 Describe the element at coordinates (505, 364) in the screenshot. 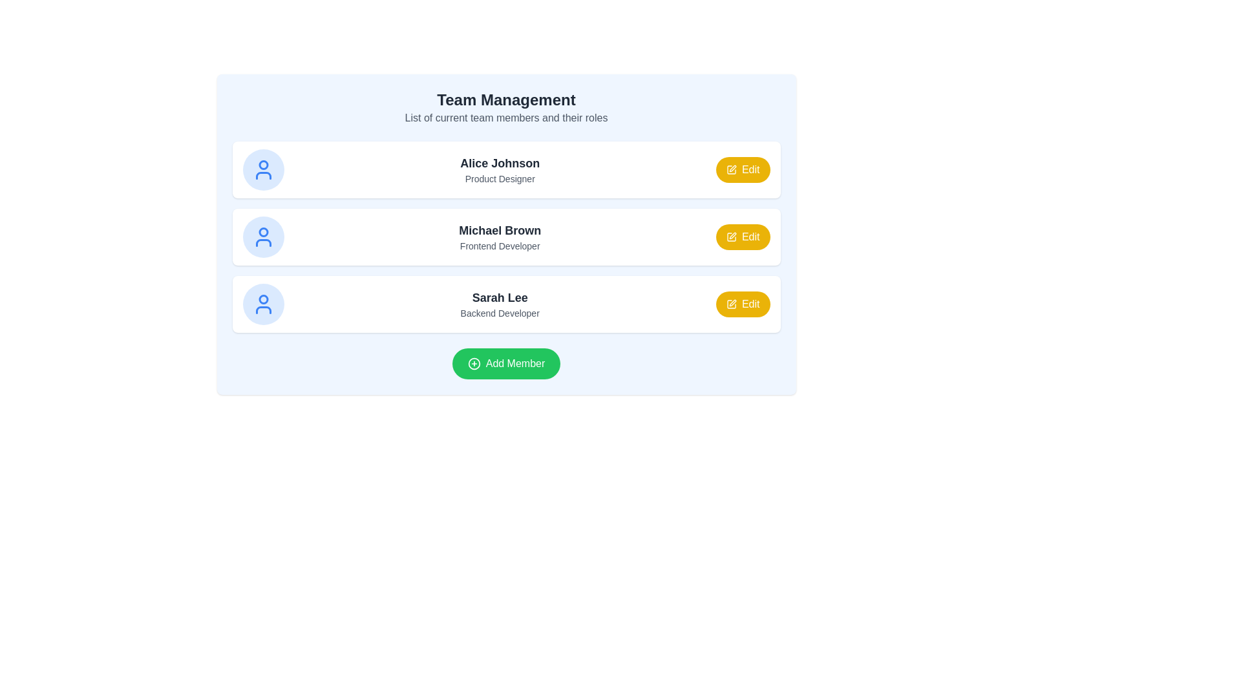

I see `the green 'Add Member' button with a plus sign icon located at the bottom of the 'Team Management' card beneath 'Sarah Lee'` at that location.